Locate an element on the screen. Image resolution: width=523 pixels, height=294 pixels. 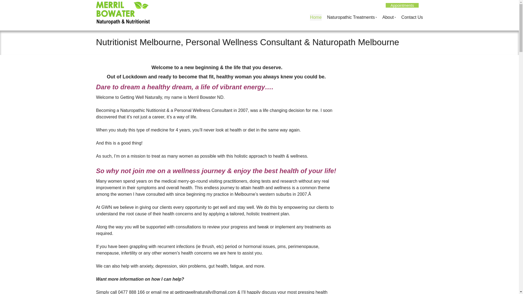
'Naturopathic Treatments' is located at coordinates (352, 17).